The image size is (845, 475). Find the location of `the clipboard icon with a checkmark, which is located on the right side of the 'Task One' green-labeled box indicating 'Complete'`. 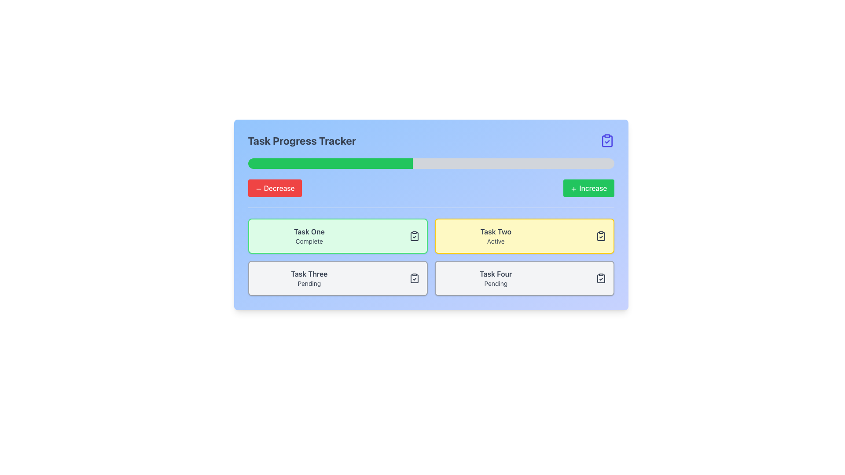

the clipboard icon with a checkmark, which is located on the right side of the 'Task One' green-labeled box indicating 'Complete' is located at coordinates (414, 235).